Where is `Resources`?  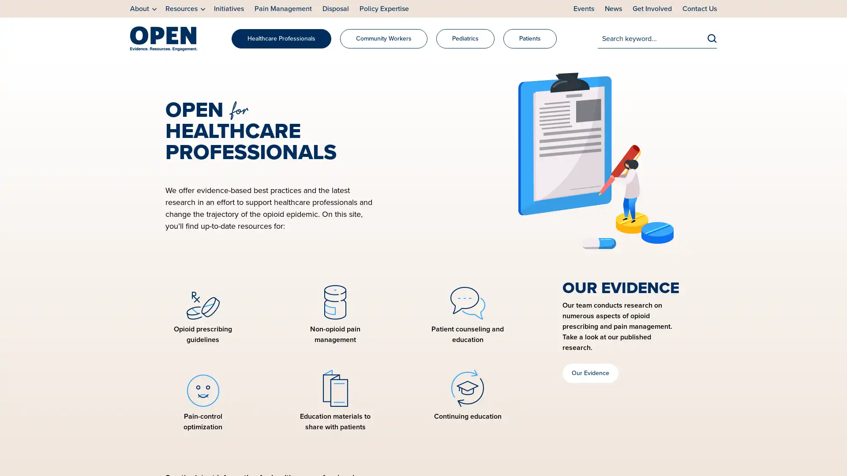 Resources is located at coordinates (185, 9).